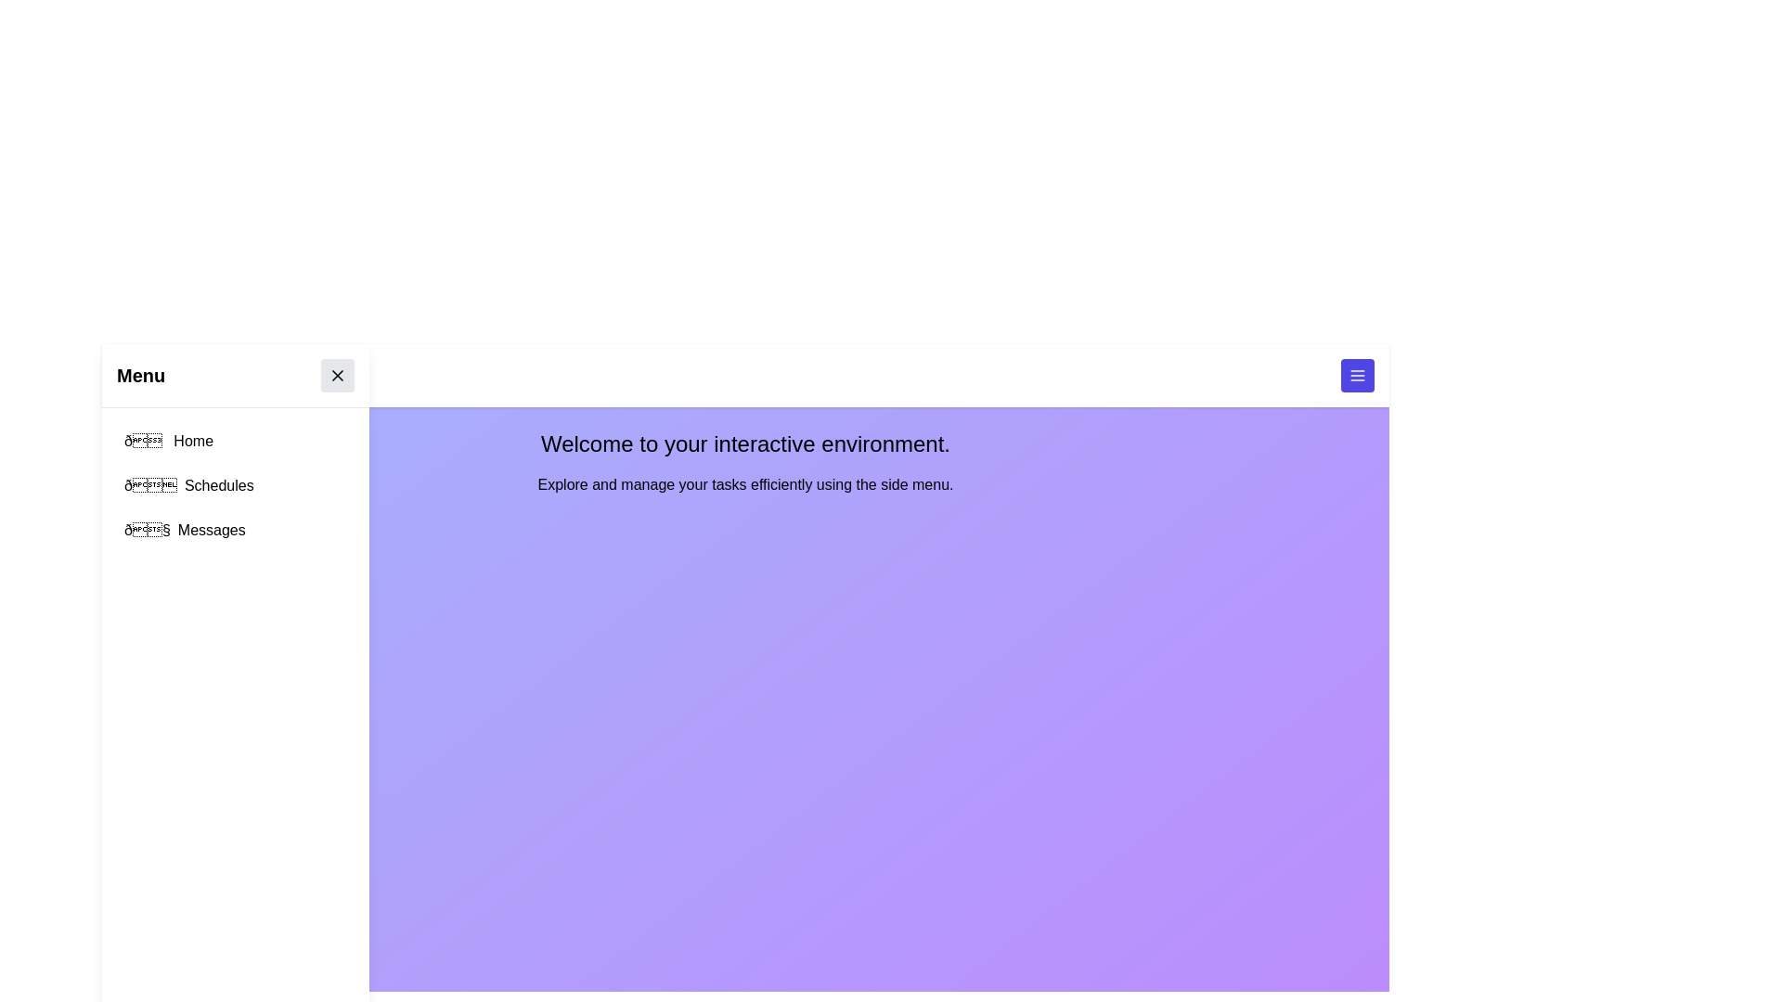  I want to click on the 'X' button located at the top-right corner of the 'Menu' bar, so click(338, 376).